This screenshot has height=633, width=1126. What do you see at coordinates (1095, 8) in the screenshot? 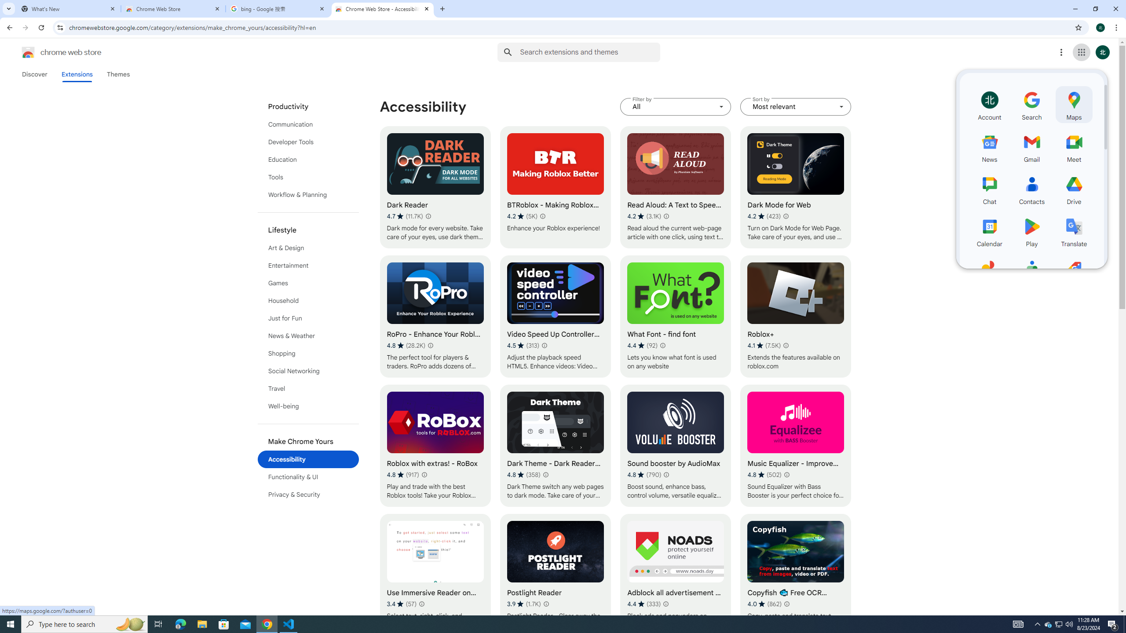
I see `'Restore'` at bounding box center [1095, 8].